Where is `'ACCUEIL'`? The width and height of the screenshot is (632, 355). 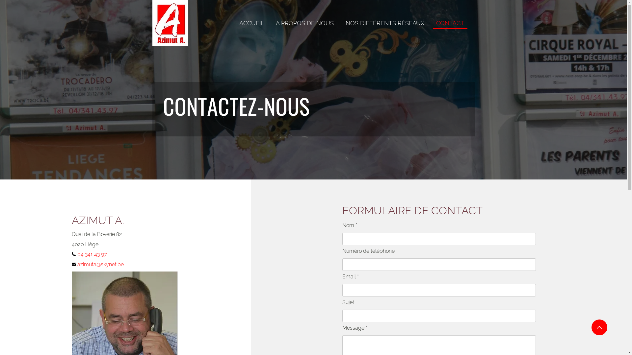
'ACCUEIL' is located at coordinates (251, 23).